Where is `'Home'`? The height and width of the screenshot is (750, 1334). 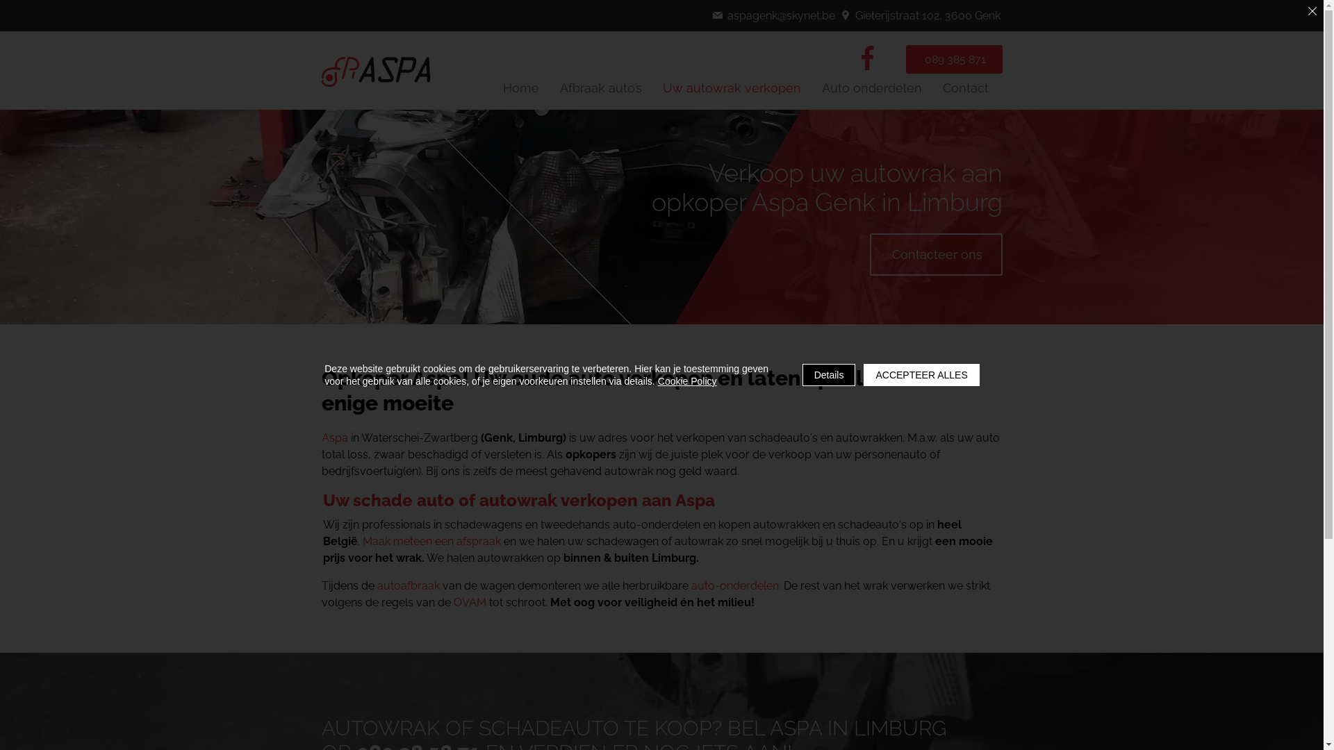 'Home' is located at coordinates (520, 87).